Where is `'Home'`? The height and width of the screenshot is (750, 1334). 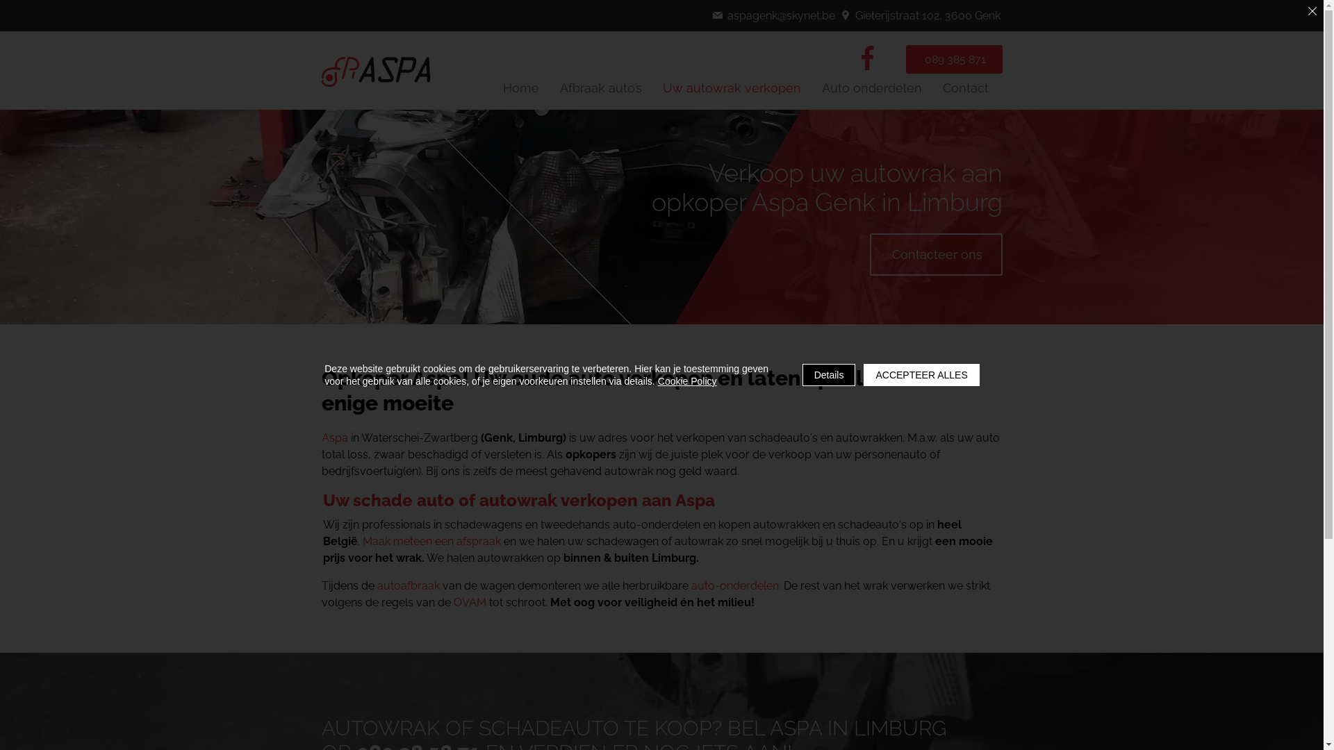 'Home' is located at coordinates (520, 87).